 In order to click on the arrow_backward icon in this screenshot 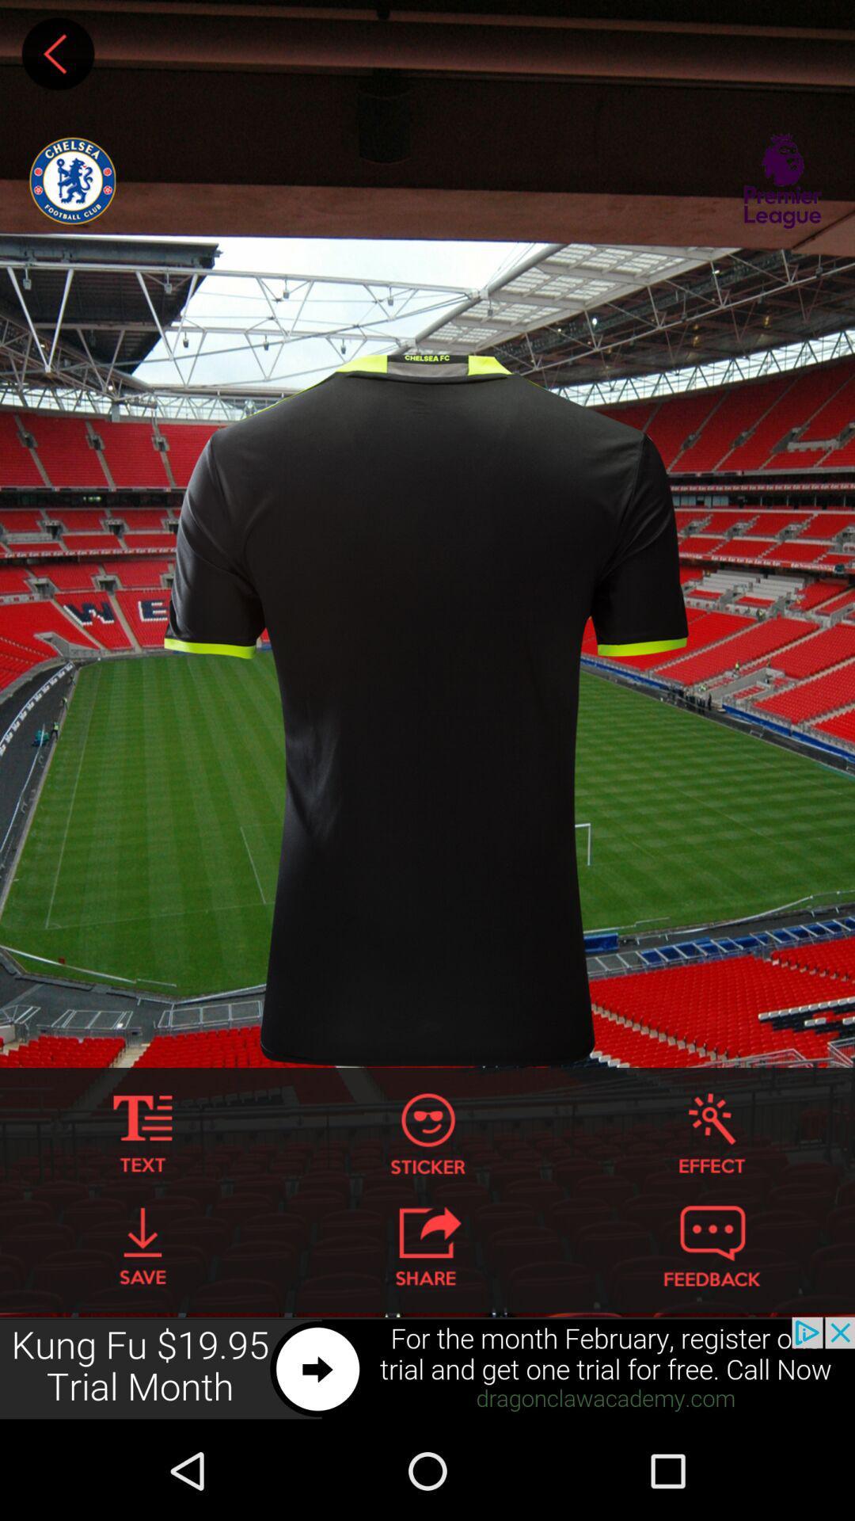, I will do `click(57, 57)`.